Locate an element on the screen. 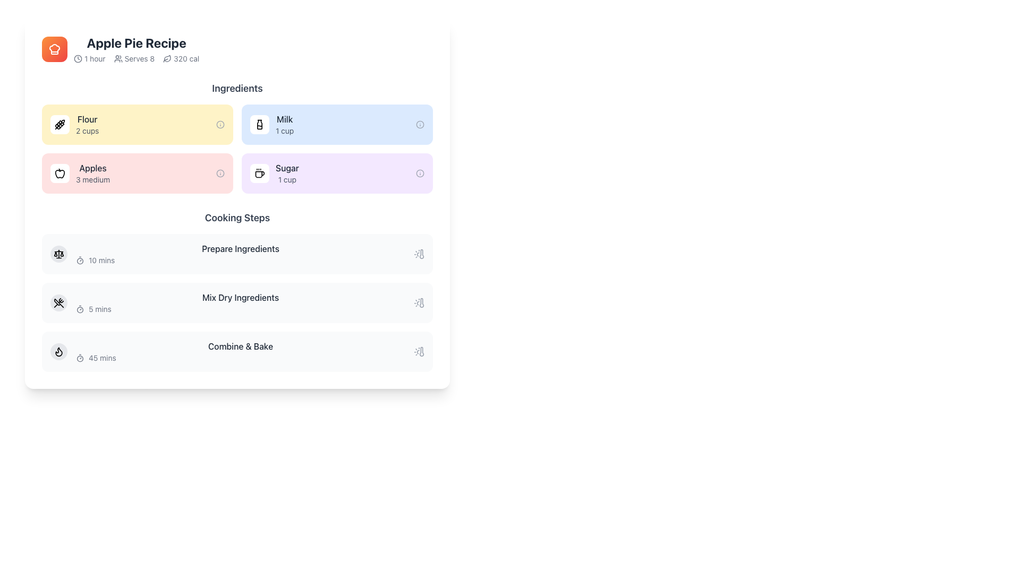  the heading label reading 'Ingredients', which is styled with a large bold font and located above the grid of ingredient cards is located at coordinates (236, 88).